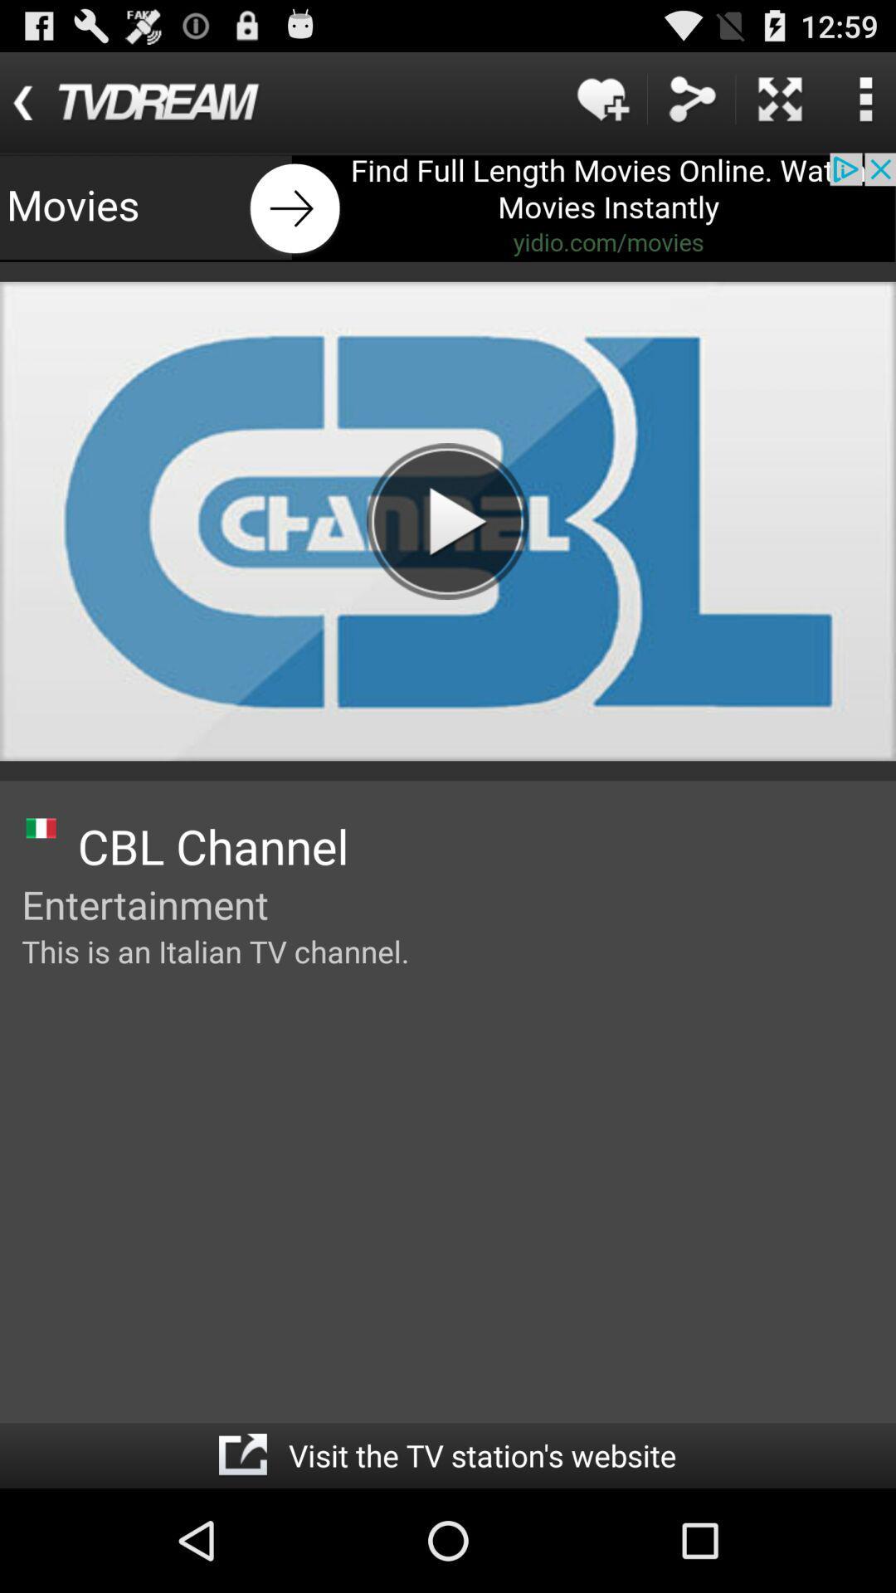 The height and width of the screenshot is (1593, 896). Describe the element at coordinates (242, 1454) in the screenshot. I see `tv station 's website` at that location.